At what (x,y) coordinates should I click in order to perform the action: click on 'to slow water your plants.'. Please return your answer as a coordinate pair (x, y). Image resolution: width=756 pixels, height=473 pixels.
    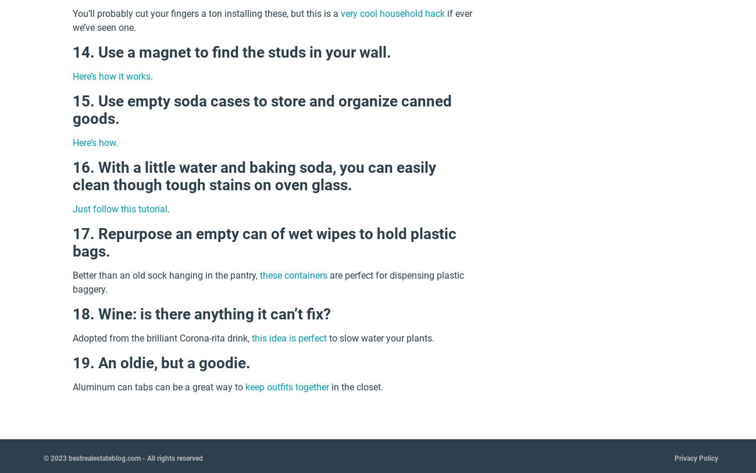
    Looking at the image, I should click on (380, 338).